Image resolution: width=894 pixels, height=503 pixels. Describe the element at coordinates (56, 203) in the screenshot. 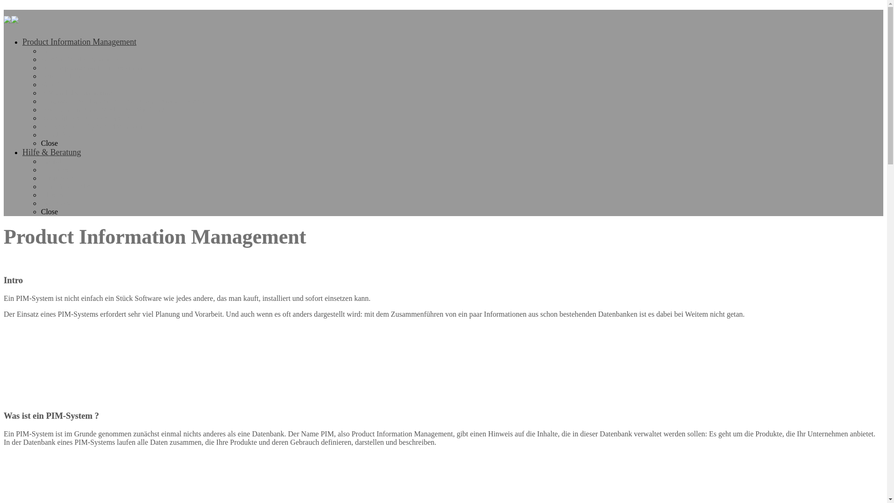

I see `'Download'` at that location.